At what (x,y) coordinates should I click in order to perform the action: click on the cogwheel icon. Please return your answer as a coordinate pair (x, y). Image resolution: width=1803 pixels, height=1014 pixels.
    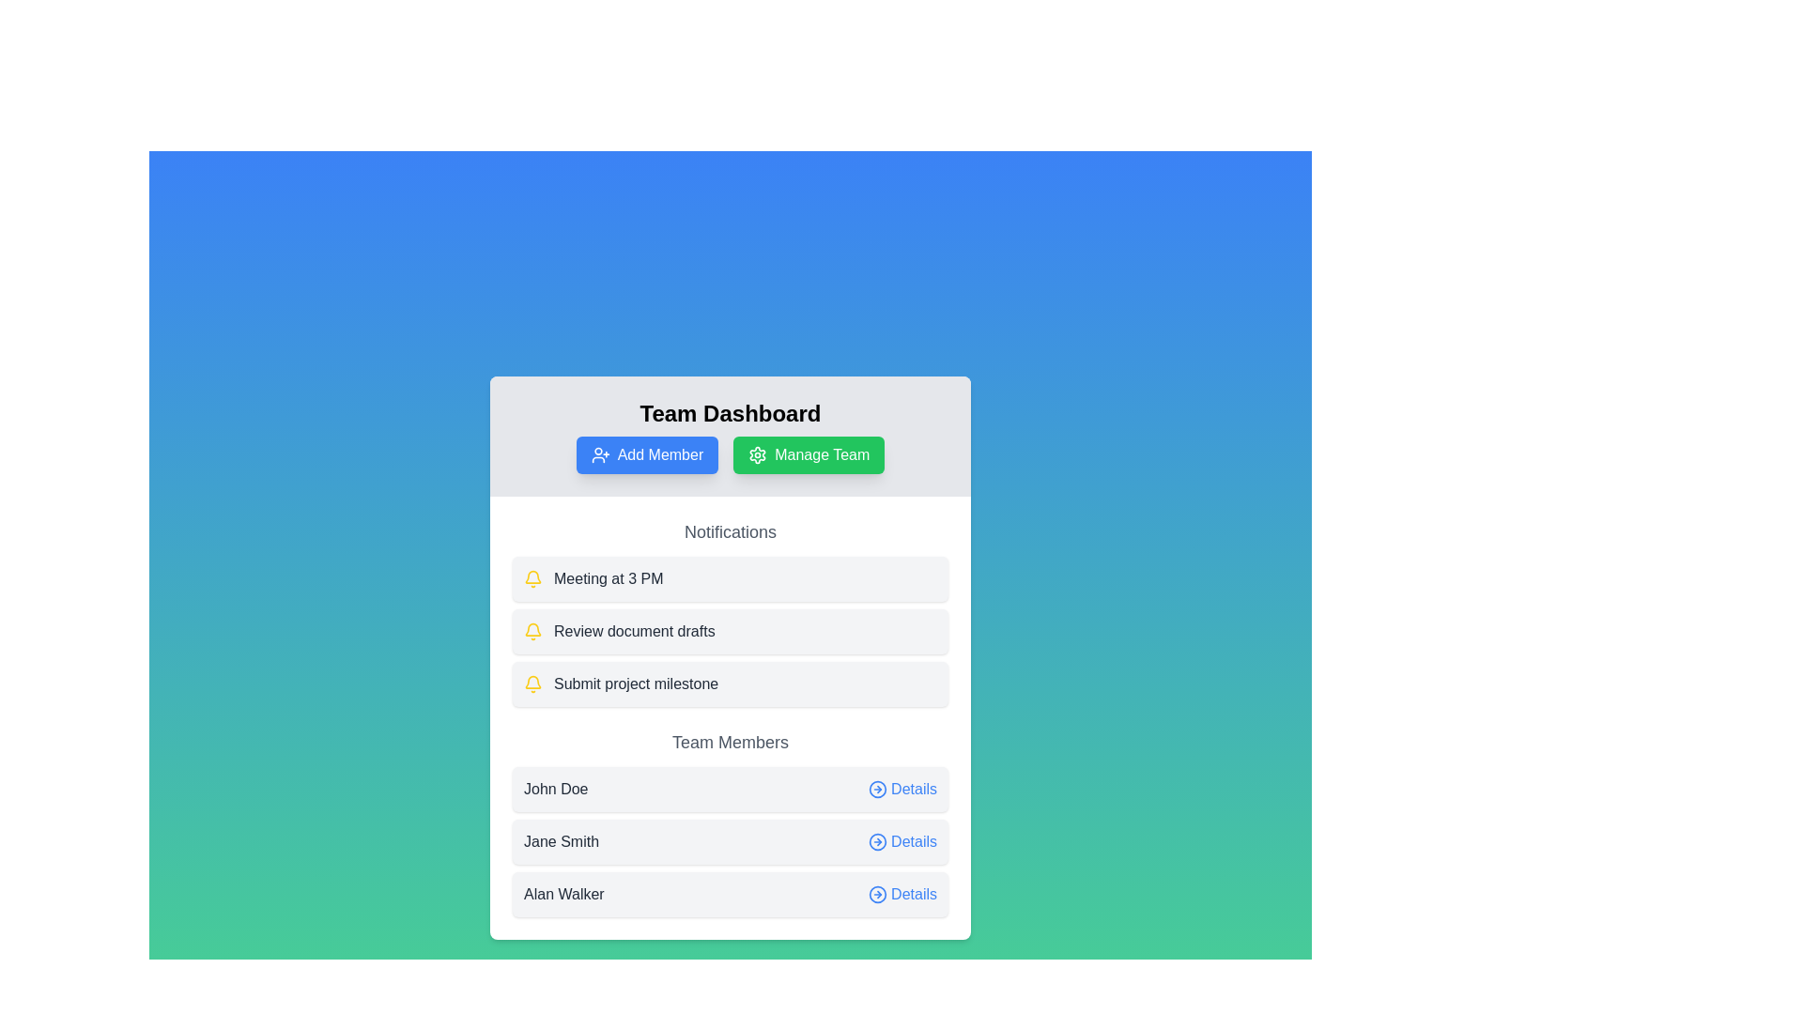
    Looking at the image, I should click on (758, 455).